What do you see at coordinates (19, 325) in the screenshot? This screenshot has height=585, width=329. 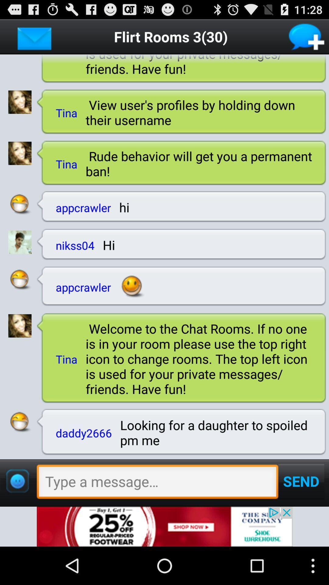 I see `profile` at bounding box center [19, 325].